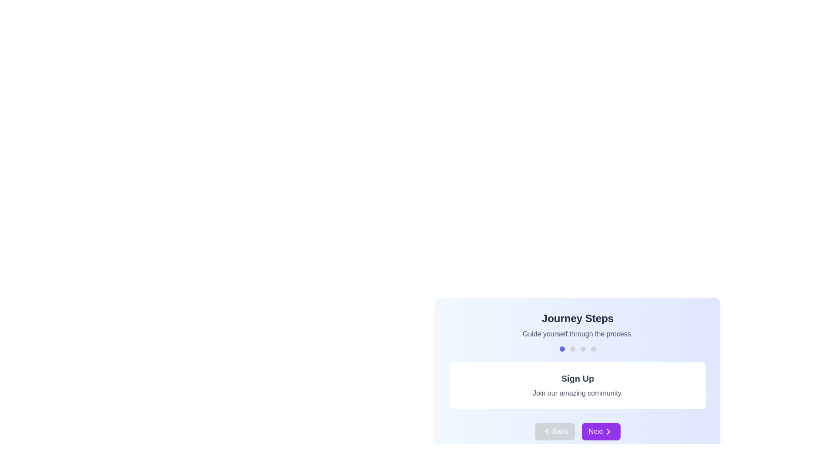  I want to click on the welcoming message text that encourages users to join the community, located beneath the 'Sign Up' text within a centered white card, so click(578, 393).